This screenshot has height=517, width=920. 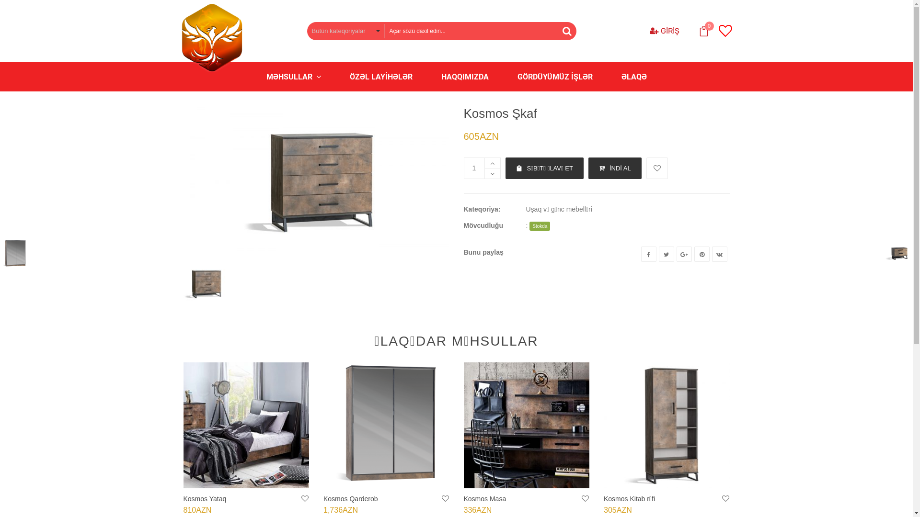 What do you see at coordinates (350, 498) in the screenshot?
I see `'Kosmos Qarderob'` at bounding box center [350, 498].